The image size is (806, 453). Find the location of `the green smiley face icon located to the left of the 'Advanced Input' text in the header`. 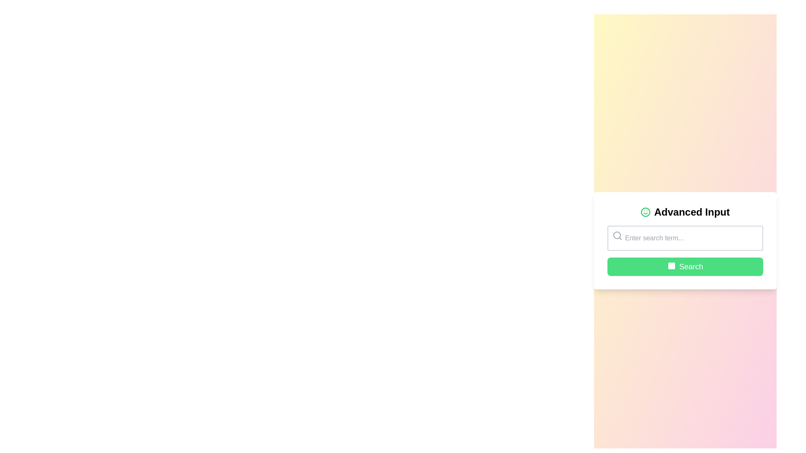

the green smiley face icon located to the left of the 'Advanced Input' text in the header is located at coordinates (645, 211).